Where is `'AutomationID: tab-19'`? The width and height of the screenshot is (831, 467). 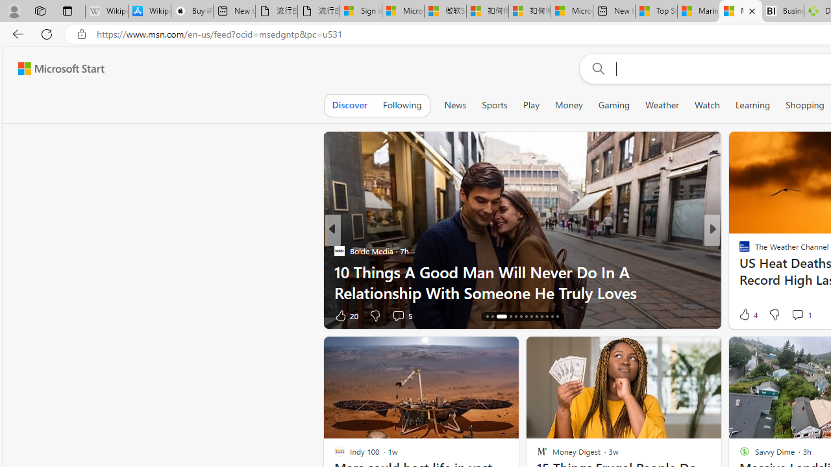
'AutomationID: tab-19' is located at coordinates (520, 317).